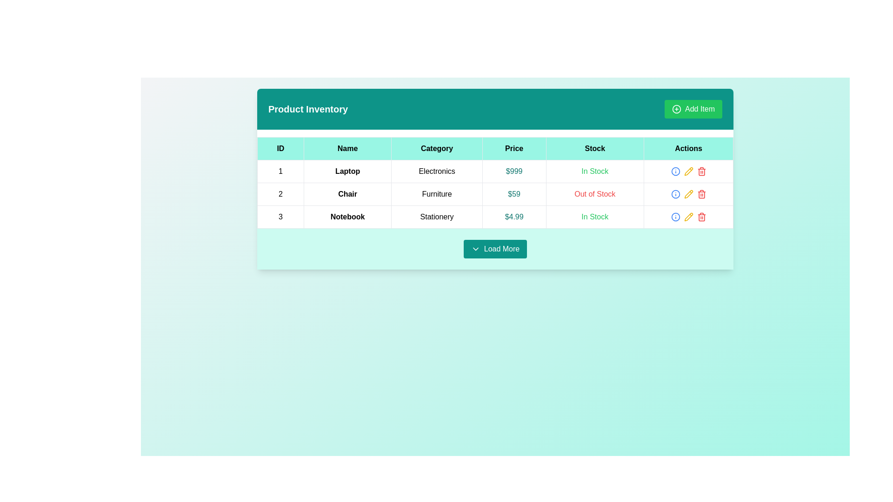 The width and height of the screenshot is (893, 502). What do you see at coordinates (594, 172) in the screenshot?
I see `the green 'In Stock' text label located in the last column of the first row of the table representing the 'Laptop' product` at bounding box center [594, 172].